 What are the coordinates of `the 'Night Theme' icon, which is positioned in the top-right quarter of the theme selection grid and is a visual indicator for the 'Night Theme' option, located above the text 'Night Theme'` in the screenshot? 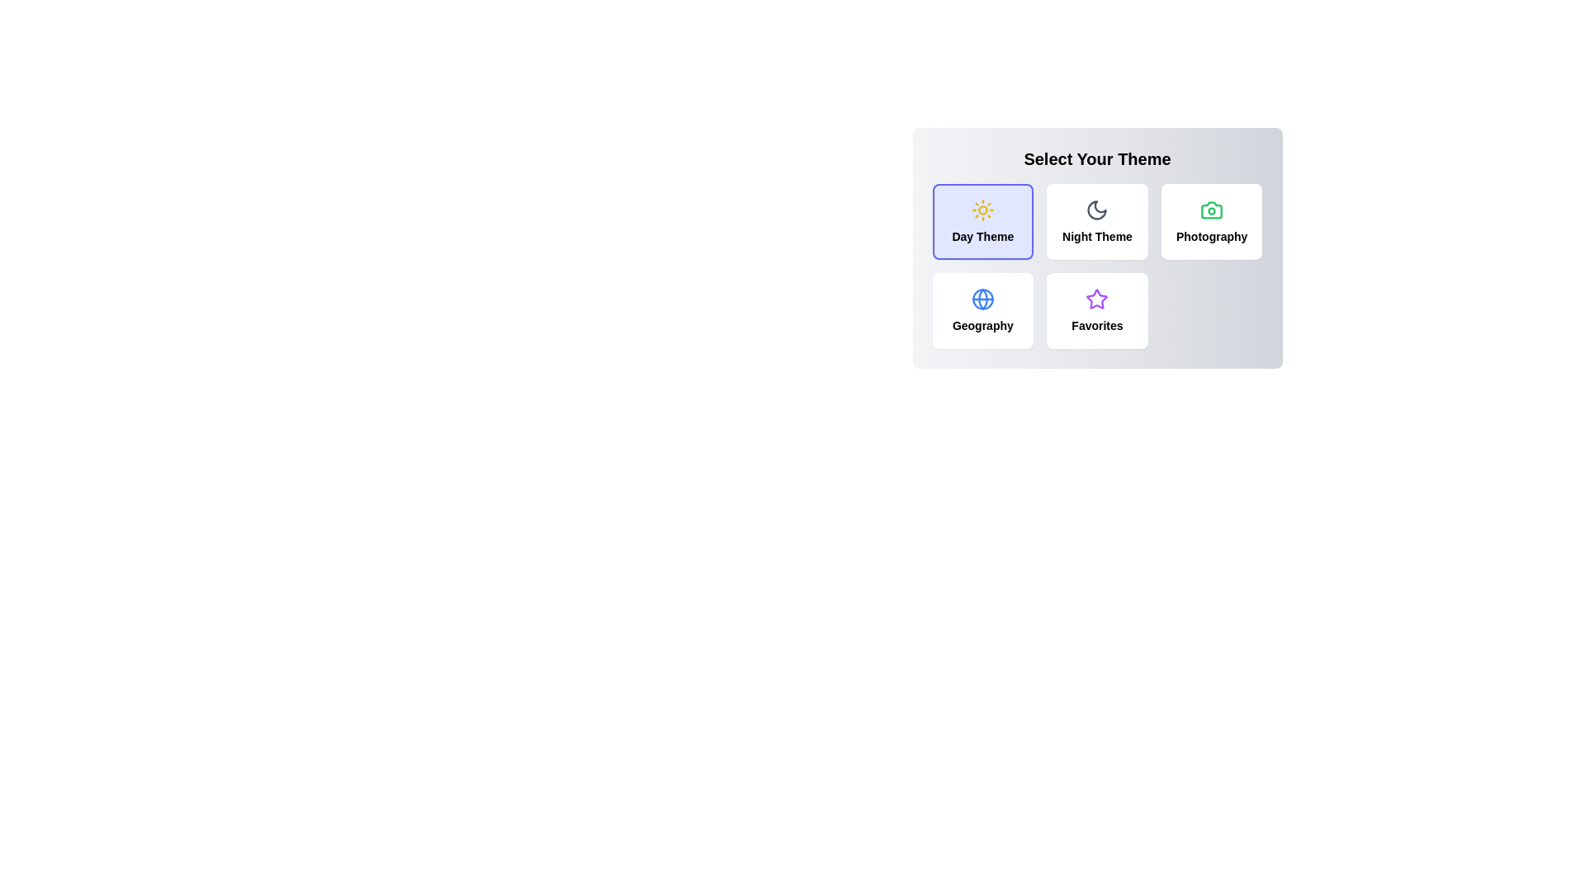 It's located at (1097, 209).